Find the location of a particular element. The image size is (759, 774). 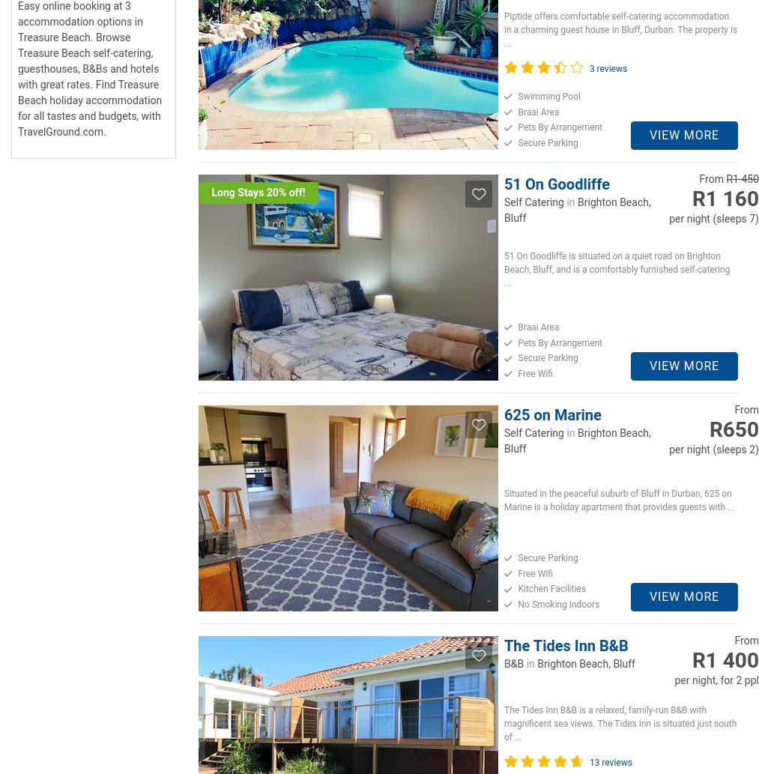

'B&B' is located at coordinates (514, 662).